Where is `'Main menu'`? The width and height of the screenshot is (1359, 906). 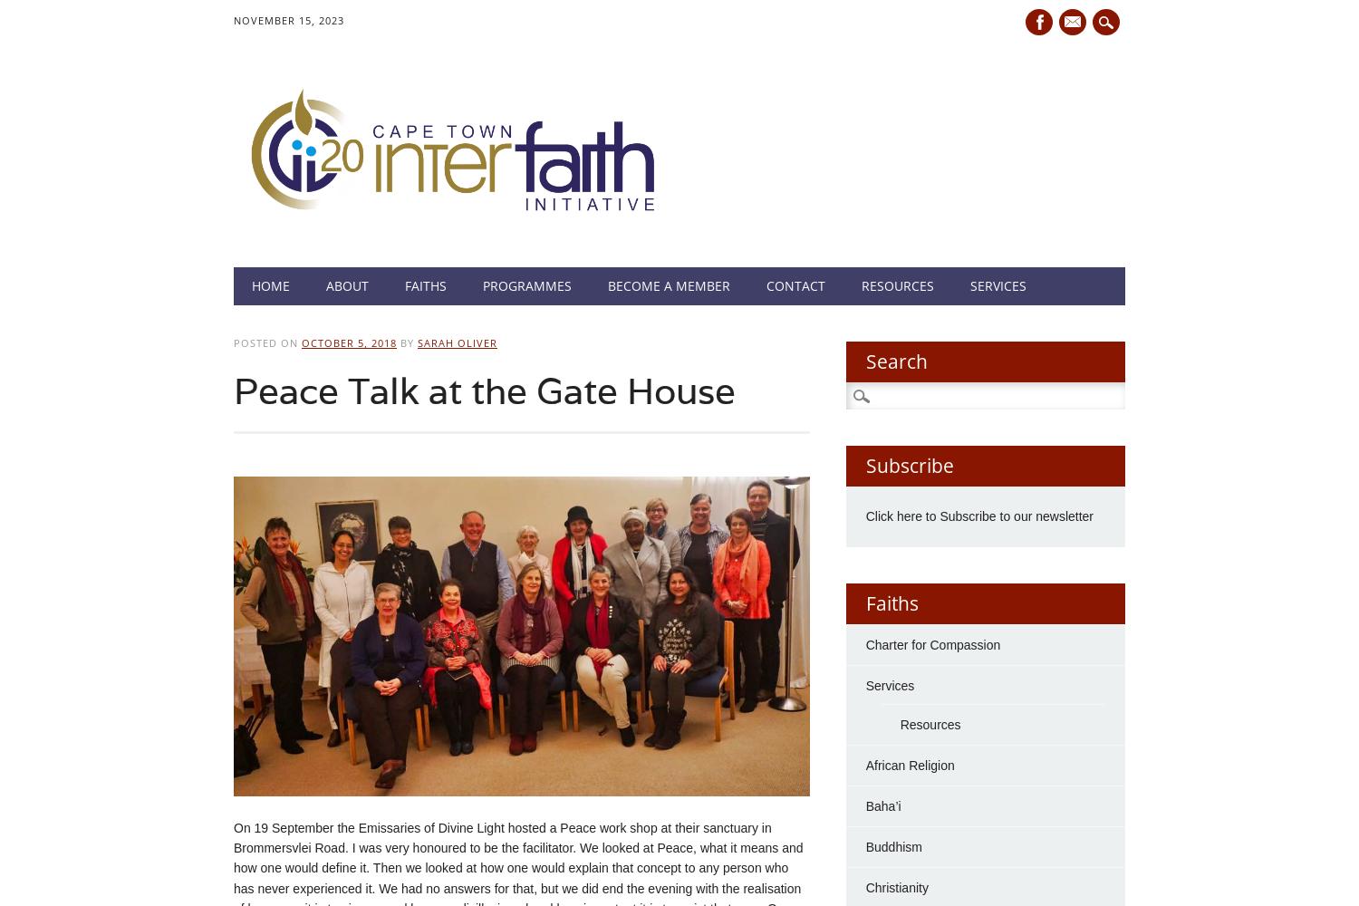
'Main menu' is located at coordinates (234, 280).